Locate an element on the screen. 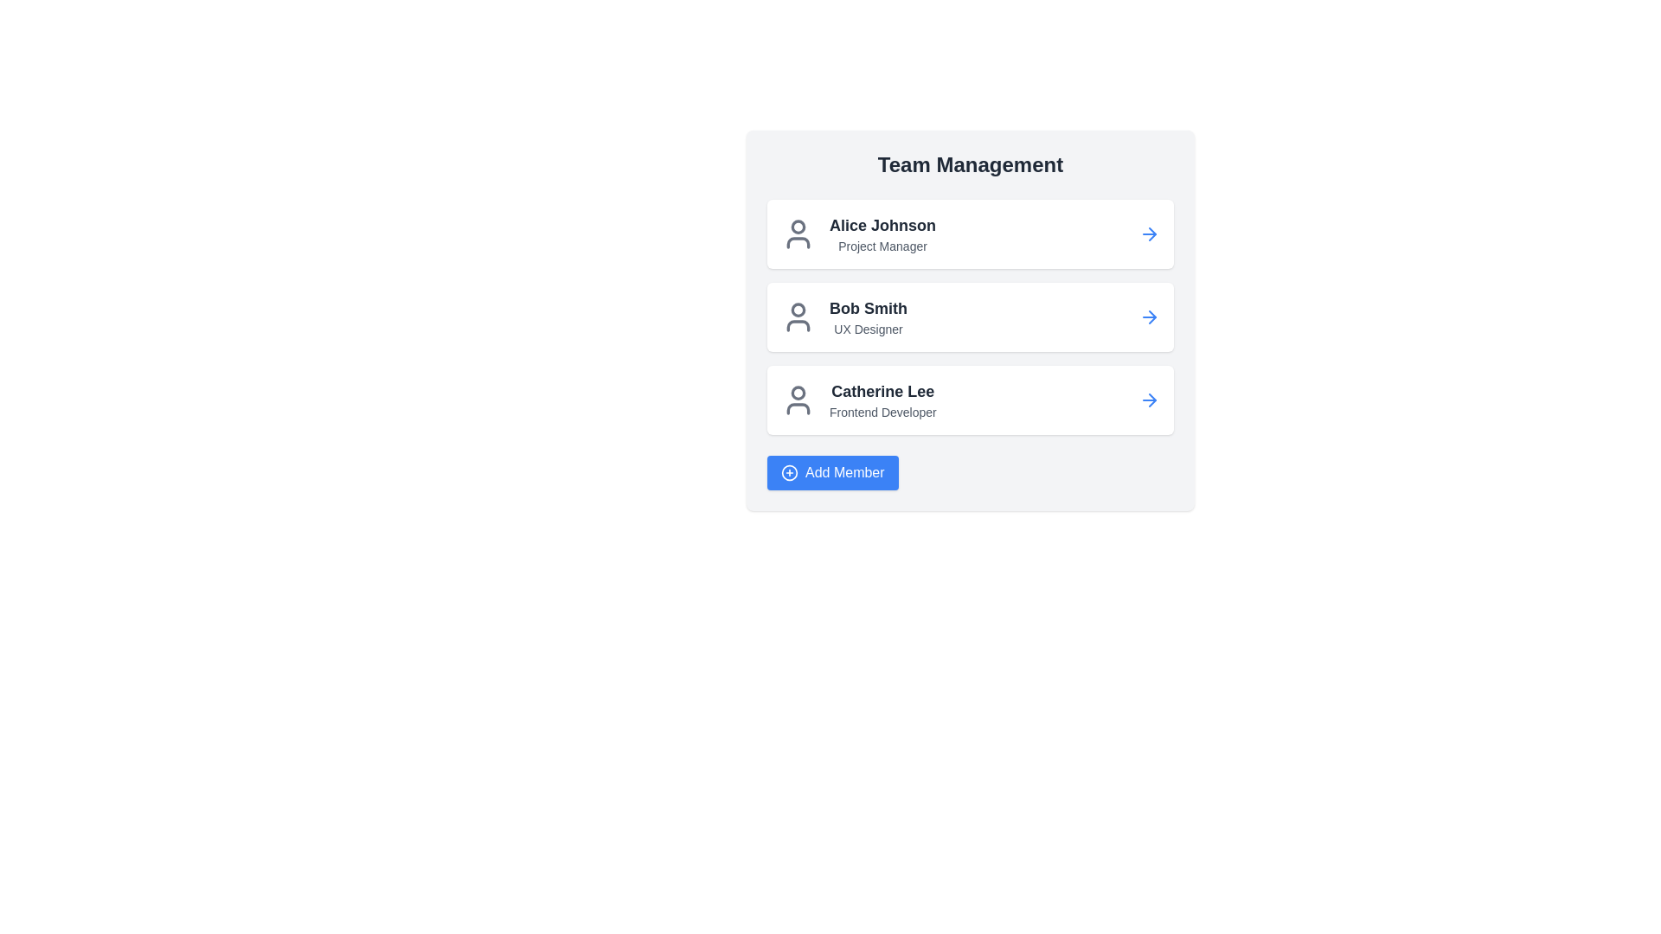  the icon representing 'Catherine Lee' in the 'Team Management' interface, which is located to the left of her name and title is located at coordinates (797, 400).